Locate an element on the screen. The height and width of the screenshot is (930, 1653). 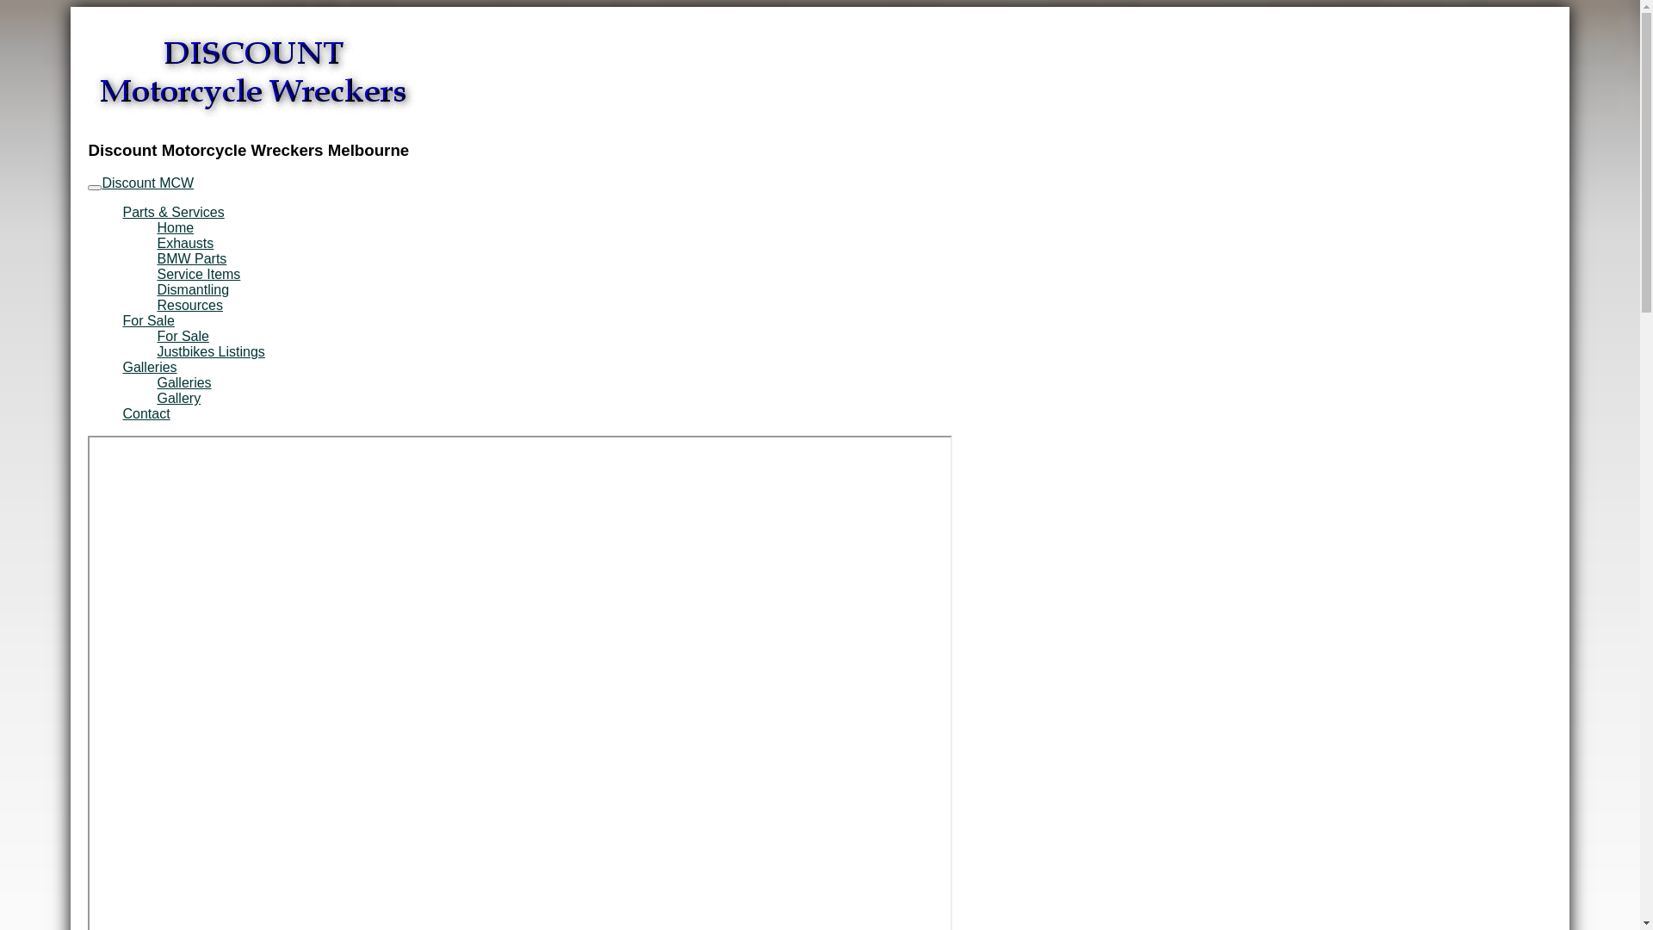
'Exhausts' is located at coordinates (185, 243).